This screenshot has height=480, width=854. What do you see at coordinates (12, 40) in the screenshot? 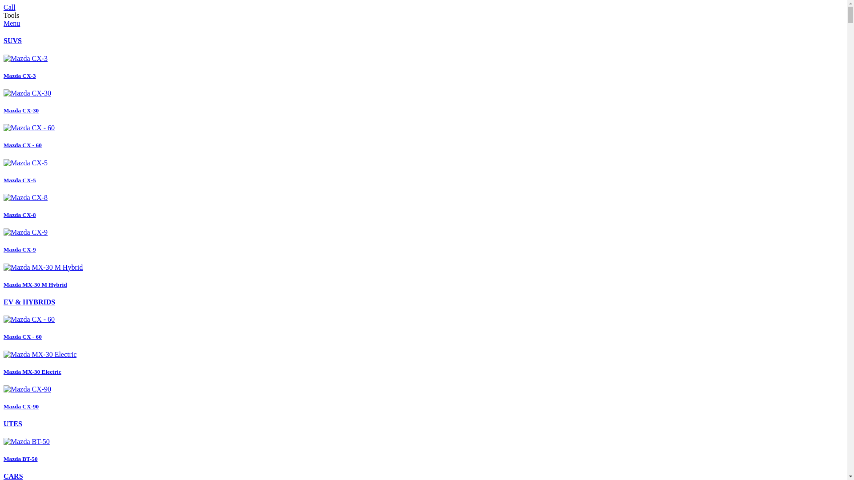
I see `'SUVS'` at bounding box center [12, 40].